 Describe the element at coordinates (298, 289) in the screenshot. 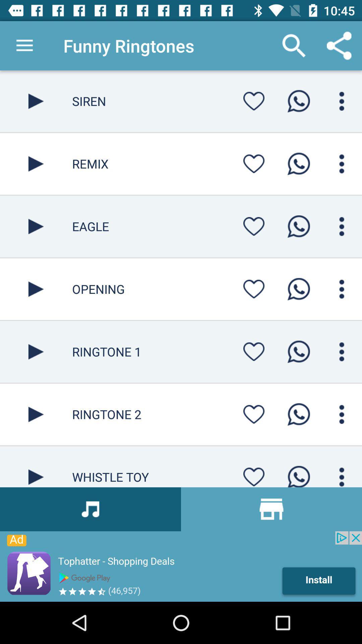

I see `whatsapp image` at that location.